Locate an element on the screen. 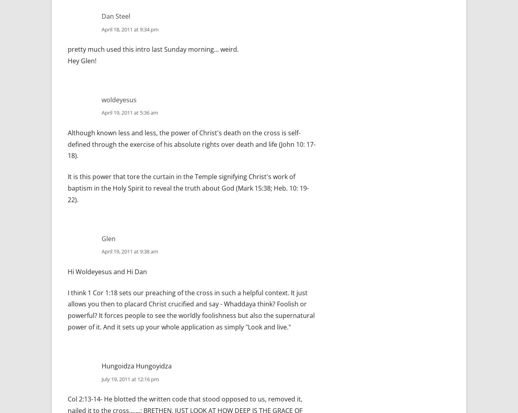  'Glen' is located at coordinates (101, 238).